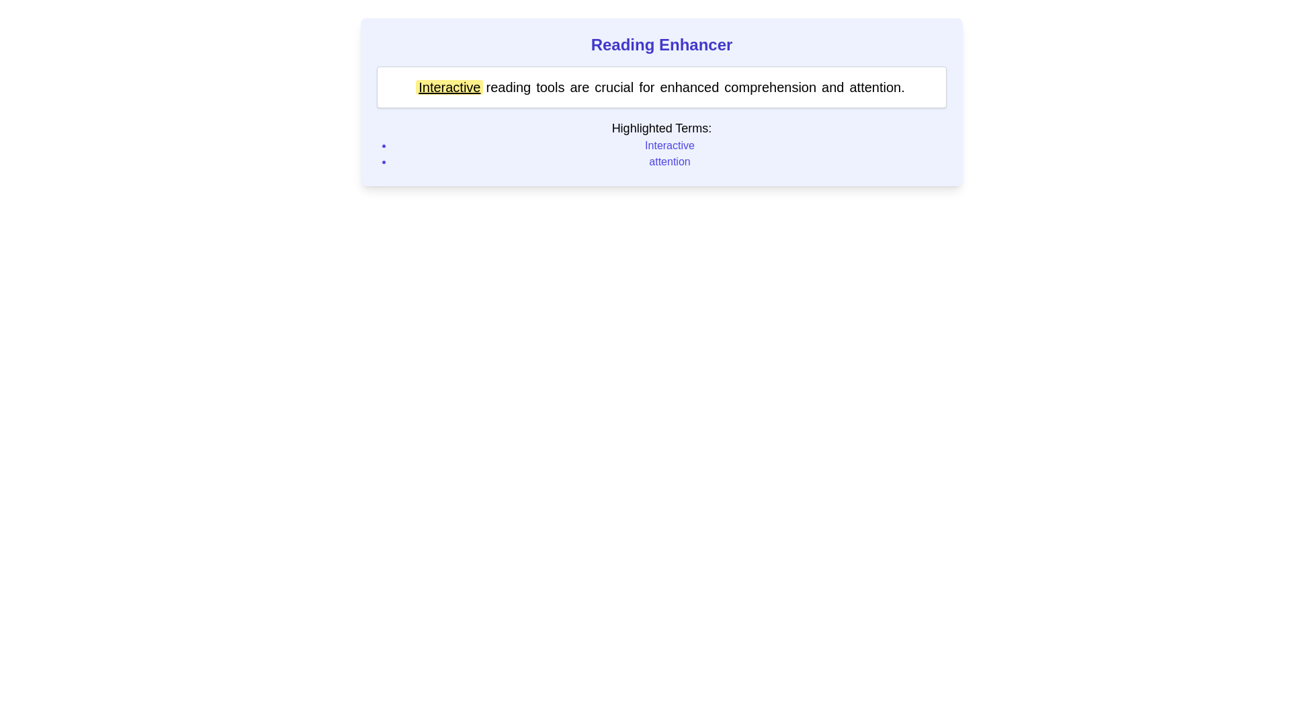  What do you see at coordinates (670, 145) in the screenshot?
I see `the text element displaying the word 'Interactive', which is styled in blue and is the first item in the bulleted list under 'Highlighted Terms'` at bounding box center [670, 145].